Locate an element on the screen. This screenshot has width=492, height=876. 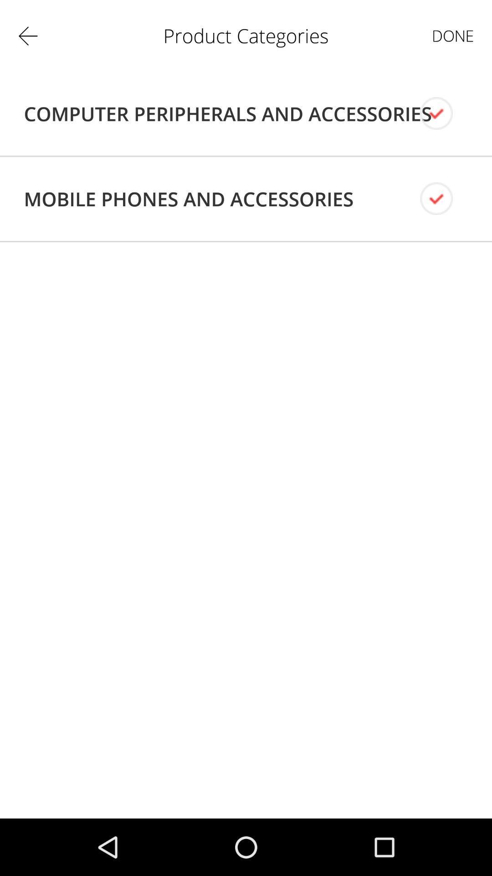
product category is located at coordinates (444, 113).